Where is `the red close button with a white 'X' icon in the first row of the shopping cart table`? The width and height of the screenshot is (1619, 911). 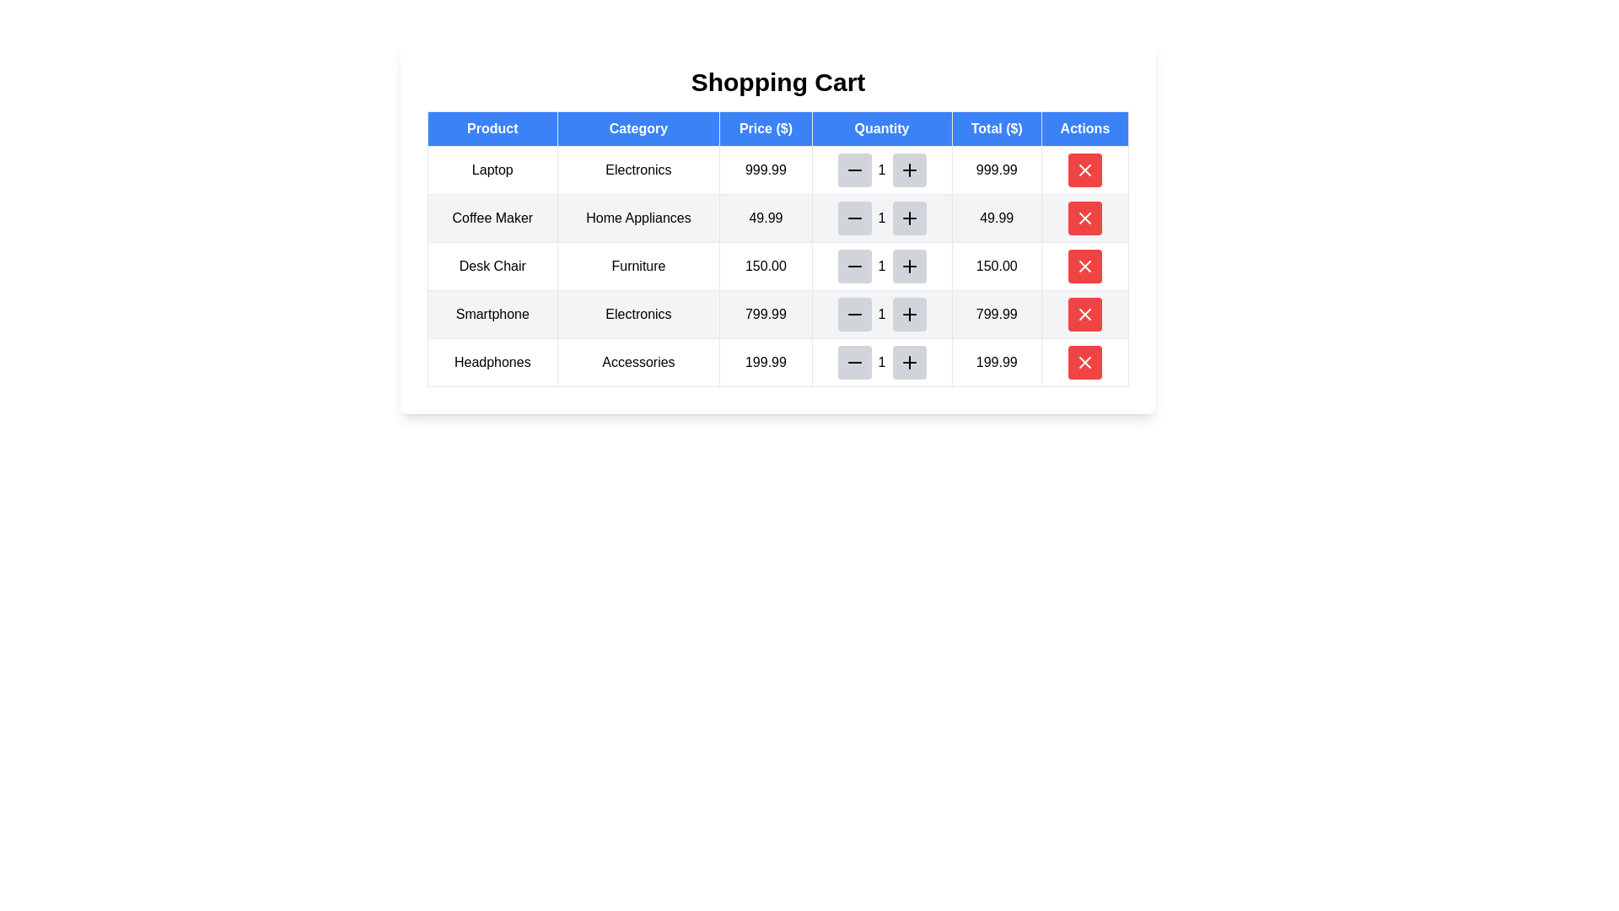
the red close button with a white 'X' icon in the first row of the shopping cart table is located at coordinates (1084, 170).